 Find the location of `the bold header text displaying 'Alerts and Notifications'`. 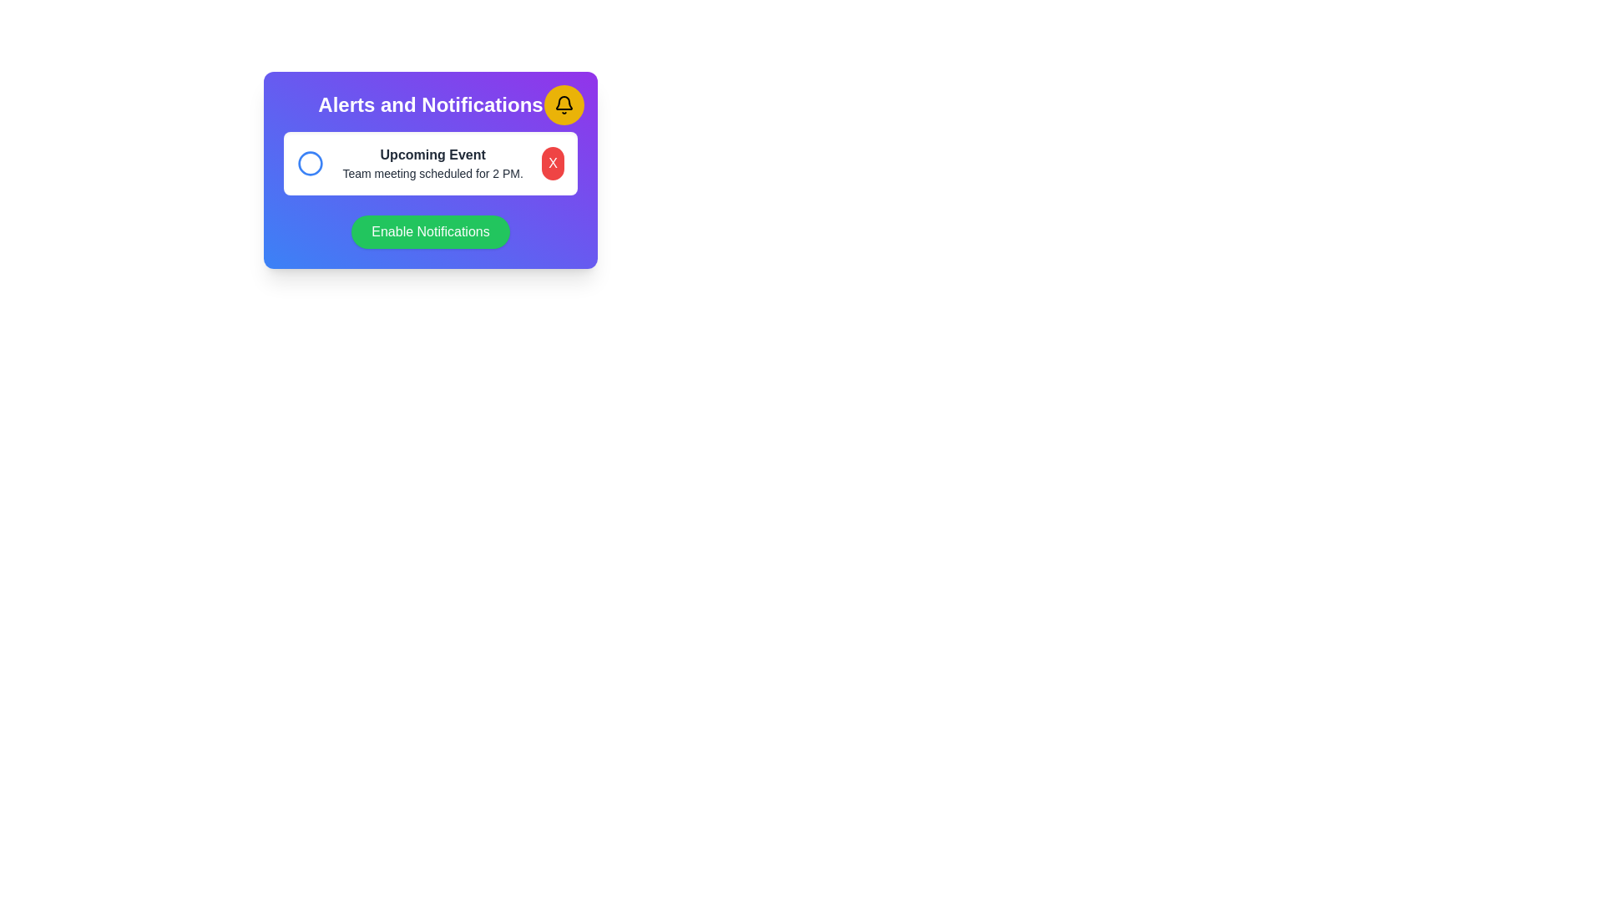

the bold header text displaying 'Alerts and Notifications' is located at coordinates (430, 105).